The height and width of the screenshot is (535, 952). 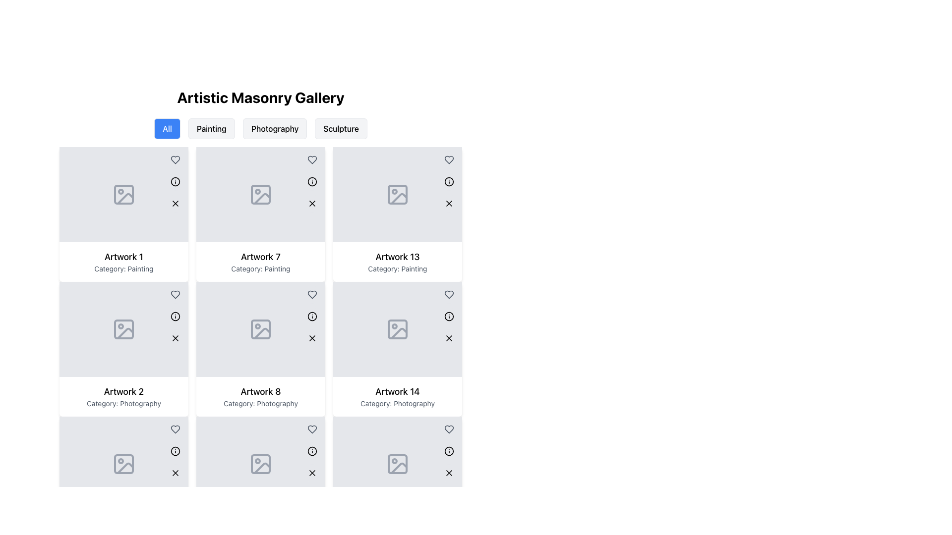 What do you see at coordinates (311, 429) in the screenshot?
I see `the heart icon for 'like' functionality located in the top-right corner of the 'Artwork 8' cell under the 'Photography' category` at bounding box center [311, 429].